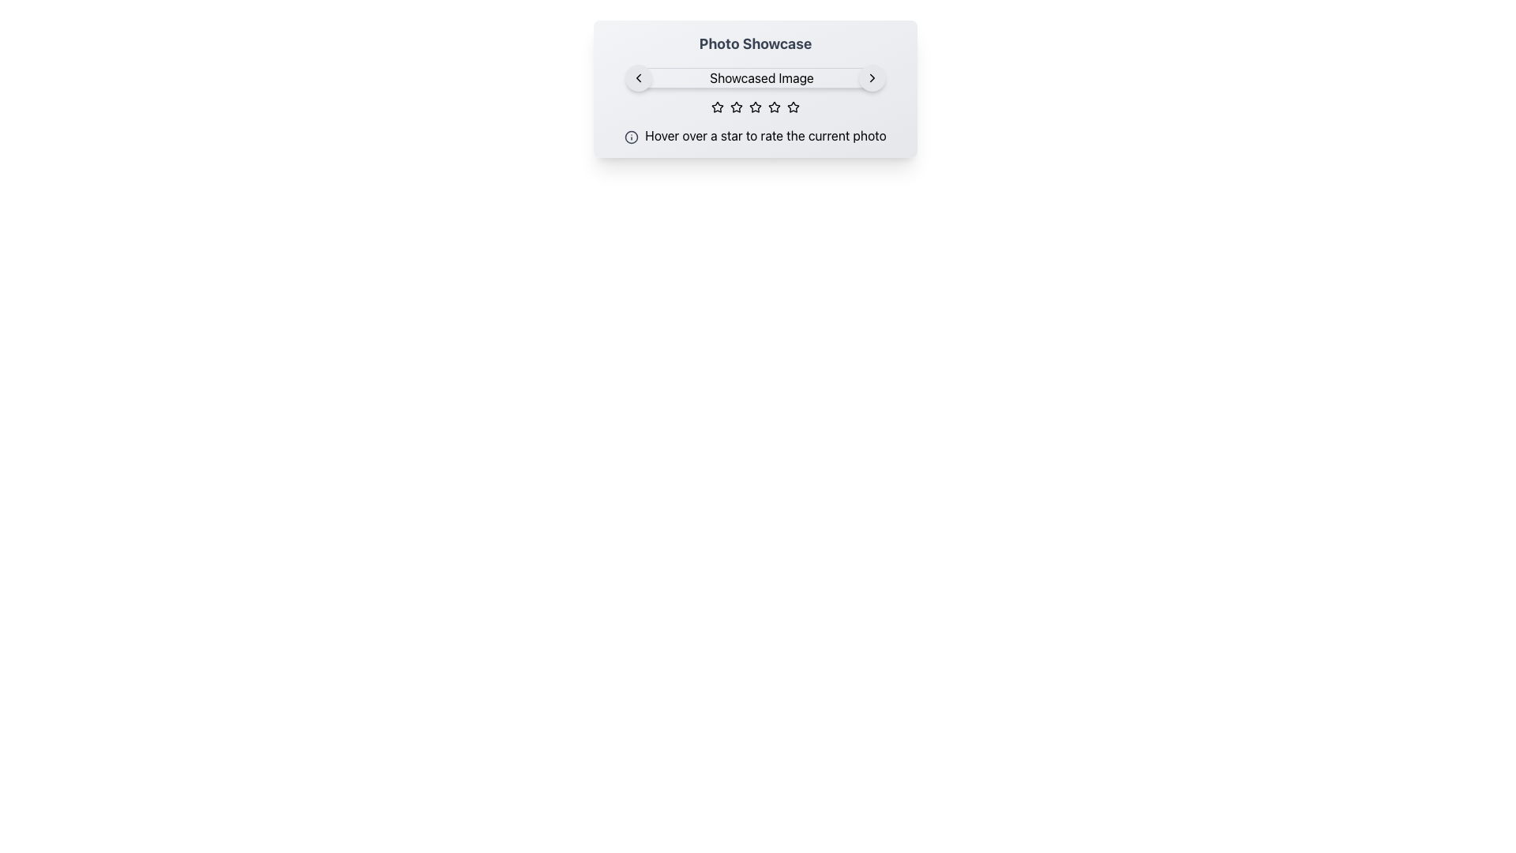 The image size is (1516, 853). I want to click on the photo showcasing module located at the top center of the viewport, so click(754, 88).